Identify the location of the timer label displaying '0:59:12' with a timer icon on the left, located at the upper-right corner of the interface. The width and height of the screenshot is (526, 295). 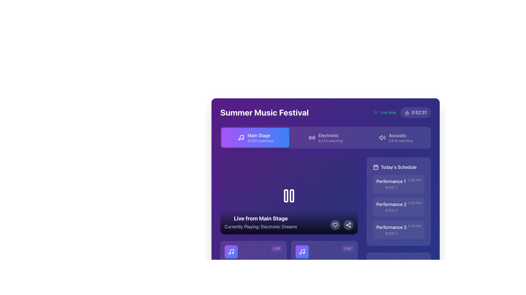
(416, 112).